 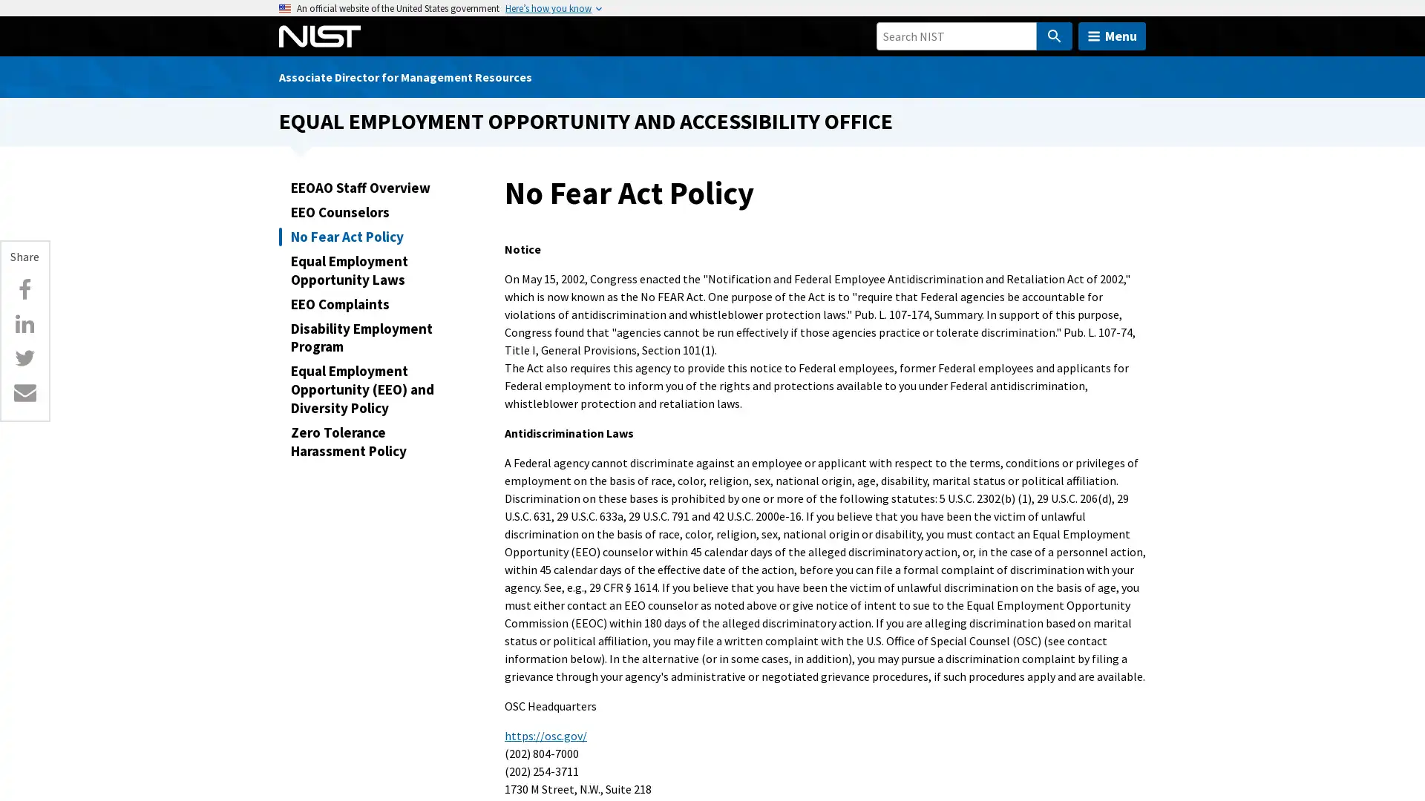 What do you see at coordinates (1112, 36) in the screenshot?
I see `Menu` at bounding box center [1112, 36].